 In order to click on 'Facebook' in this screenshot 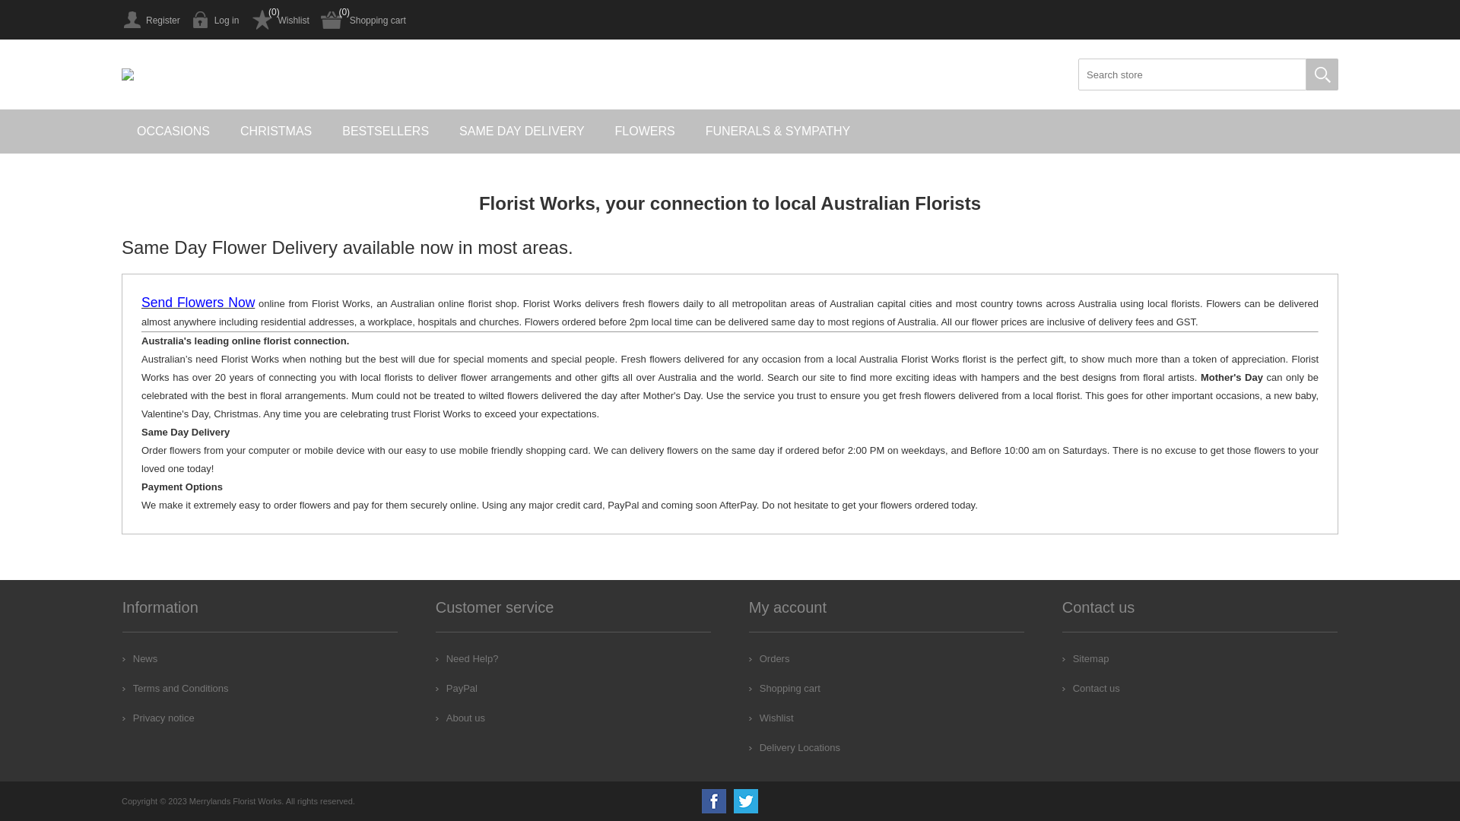, I will do `click(700, 800)`.